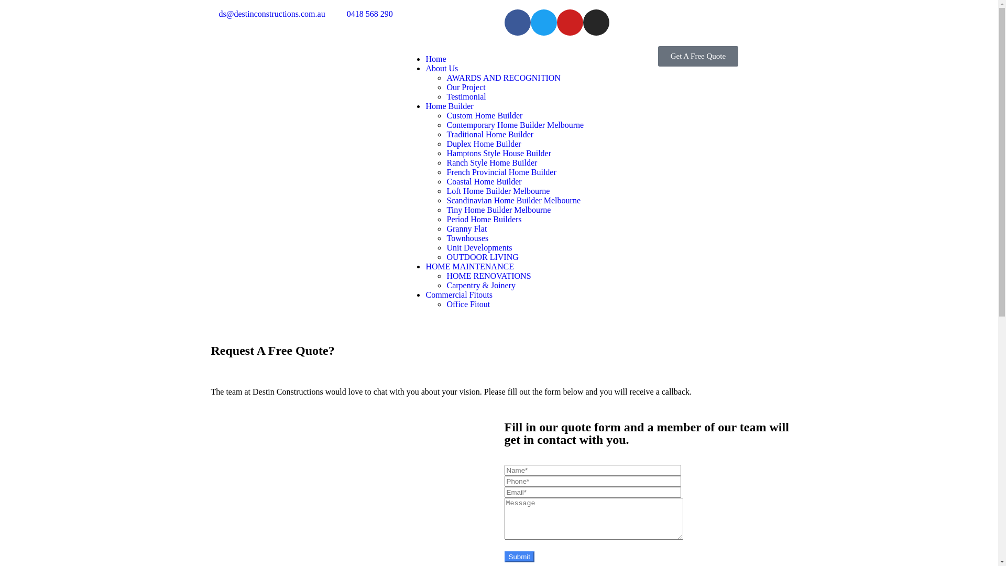 The image size is (1006, 566). I want to click on 'Period Home Builders', so click(483, 219).